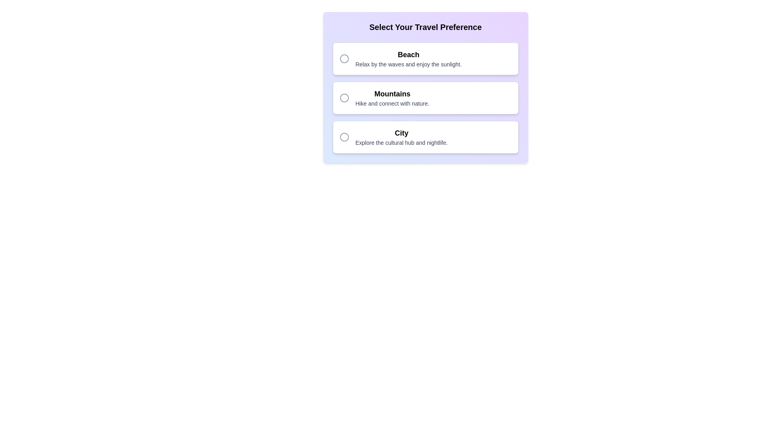  I want to click on text of the Static label titled 'Mountains' in the travel preferences selection, which is positioned above the description 'Hike and connect with nature.' and below the corresponding radio button, so click(392, 94).